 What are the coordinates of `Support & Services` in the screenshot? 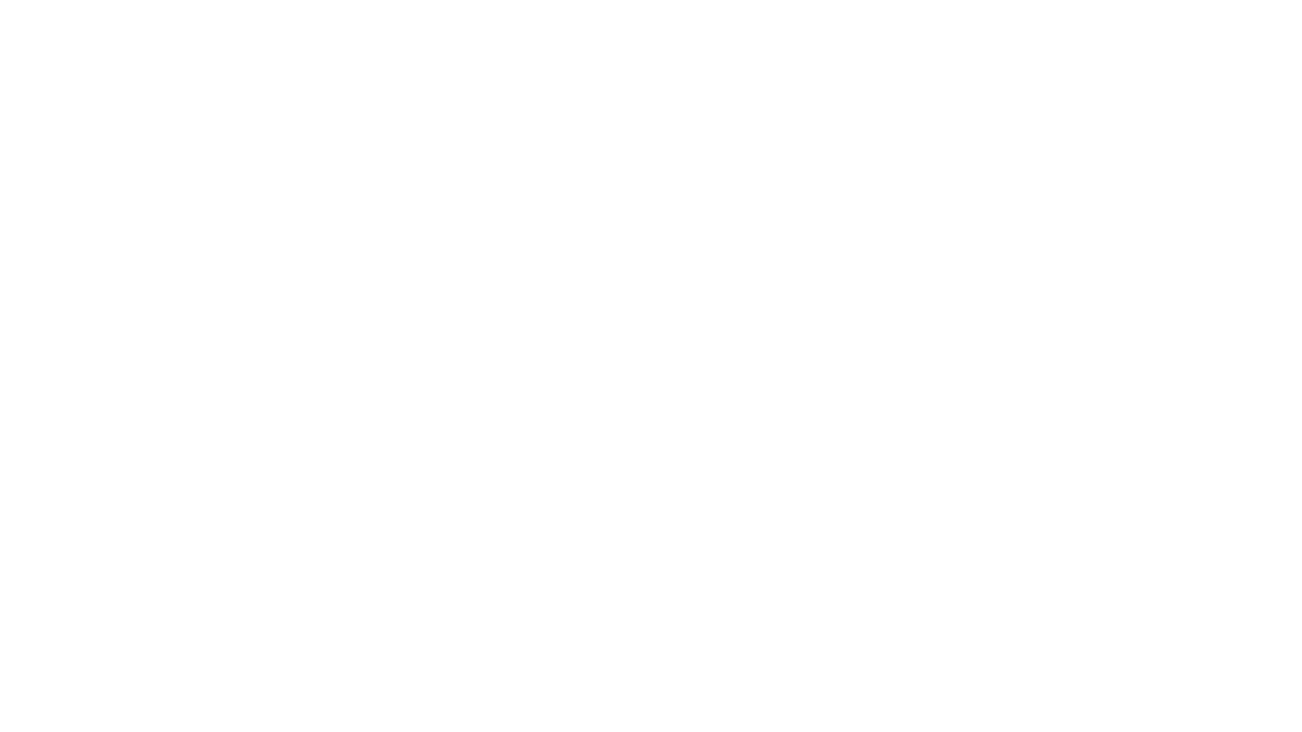 It's located at (435, 18).